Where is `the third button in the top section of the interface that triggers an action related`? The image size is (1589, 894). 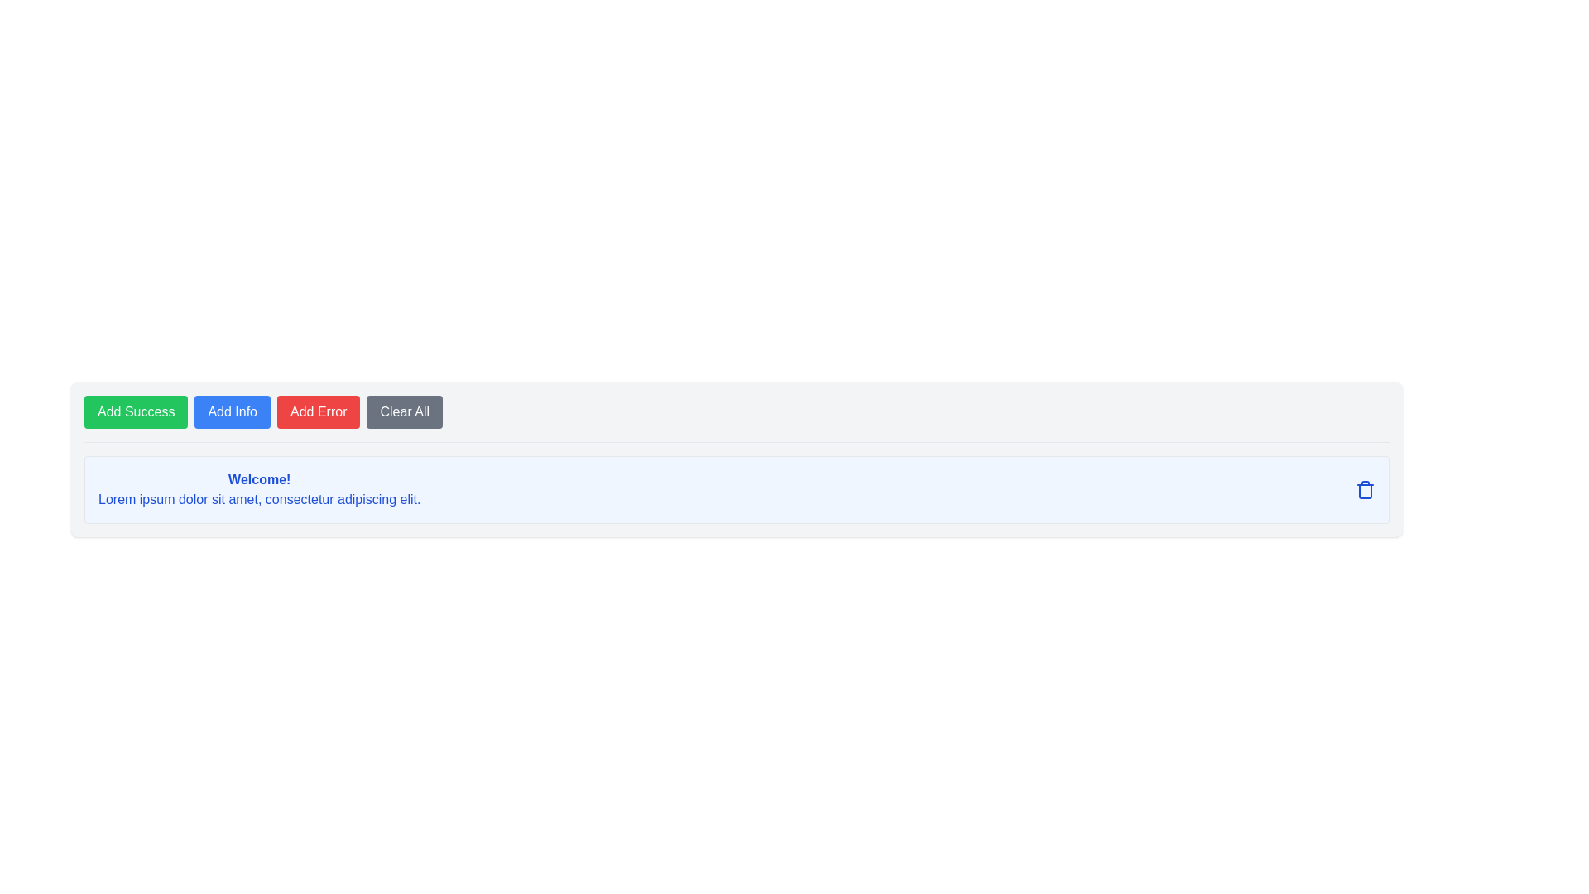
the third button in the top section of the interface that triggers an action related is located at coordinates (319, 411).